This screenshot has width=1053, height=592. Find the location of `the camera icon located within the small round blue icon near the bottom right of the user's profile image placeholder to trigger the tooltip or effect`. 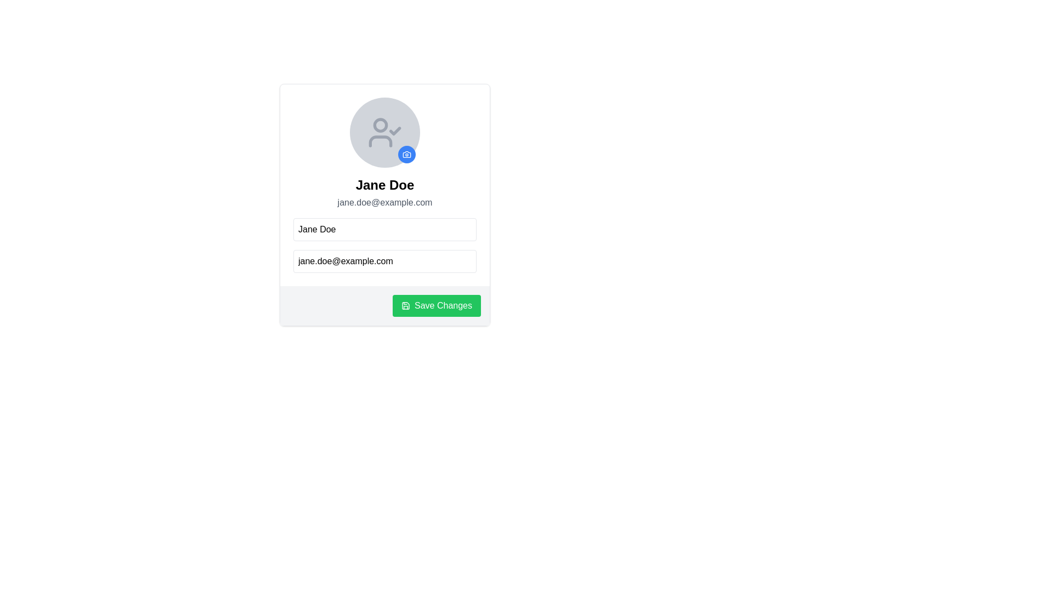

the camera icon located within the small round blue icon near the bottom right of the user's profile image placeholder to trigger the tooltip or effect is located at coordinates (406, 154).